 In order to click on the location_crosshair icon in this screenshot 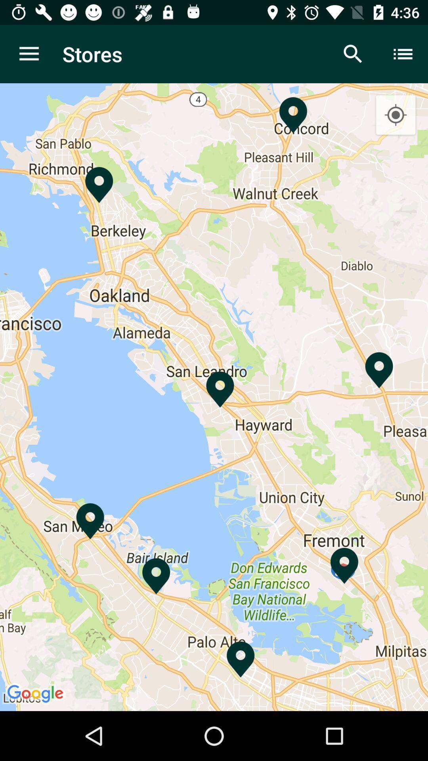, I will do `click(396, 115)`.